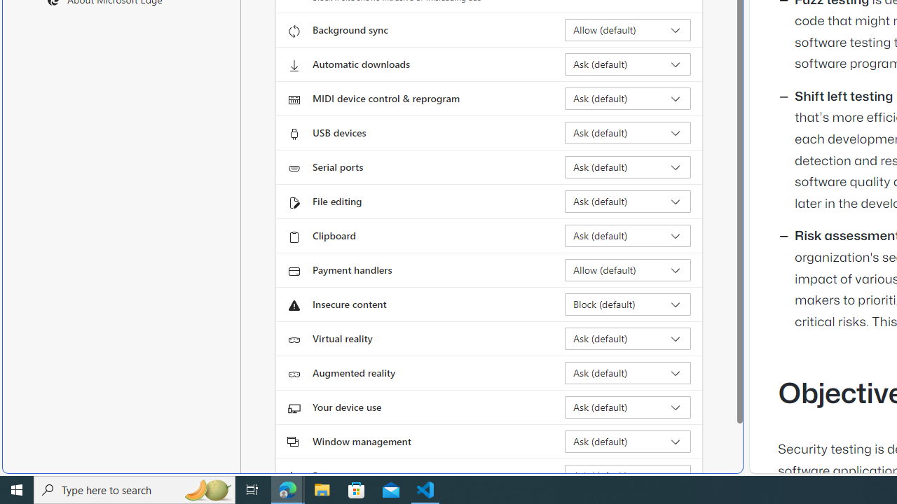  Describe the element at coordinates (627, 234) in the screenshot. I see `'Clipboard Ask (default)'` at that location.